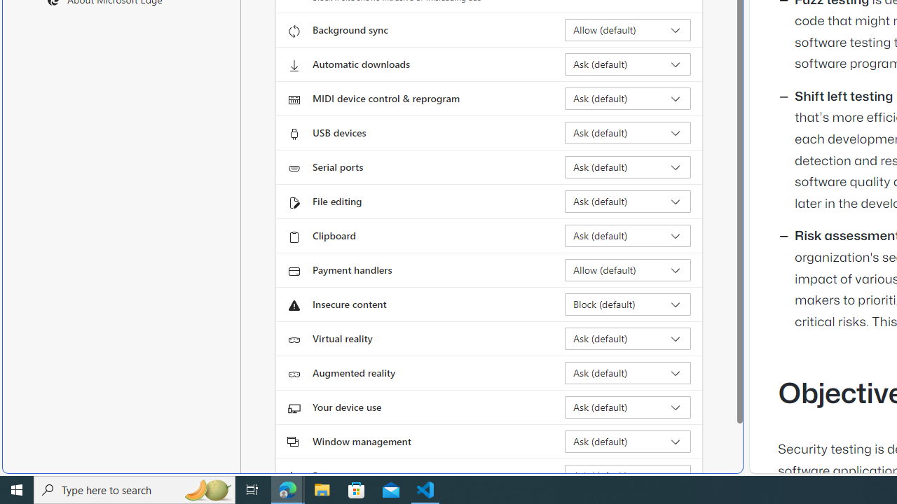  Describe the element at coordinates (627, 234) in the screenshot. I see `'Clipboard Ask (default)'` at that location.